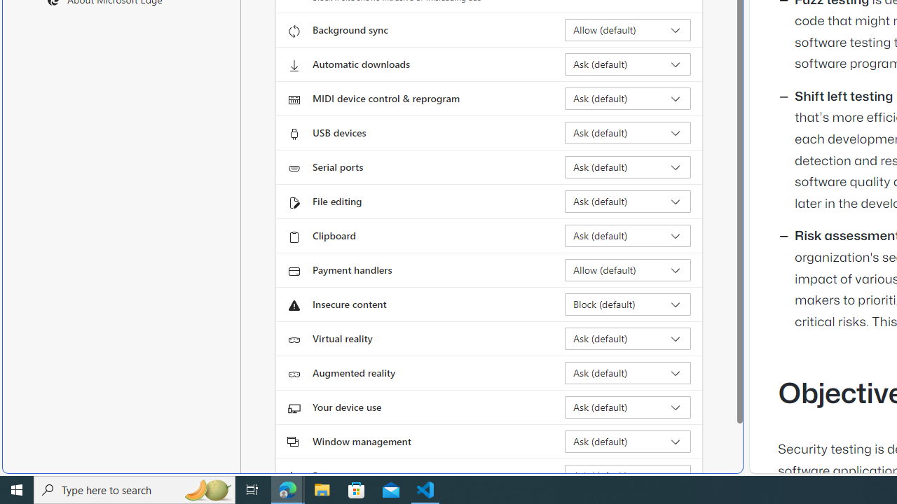  Describe the element at coordinates (627, 234) in the screenshot. I see `'Clipboard Ask (default)'` at that location.